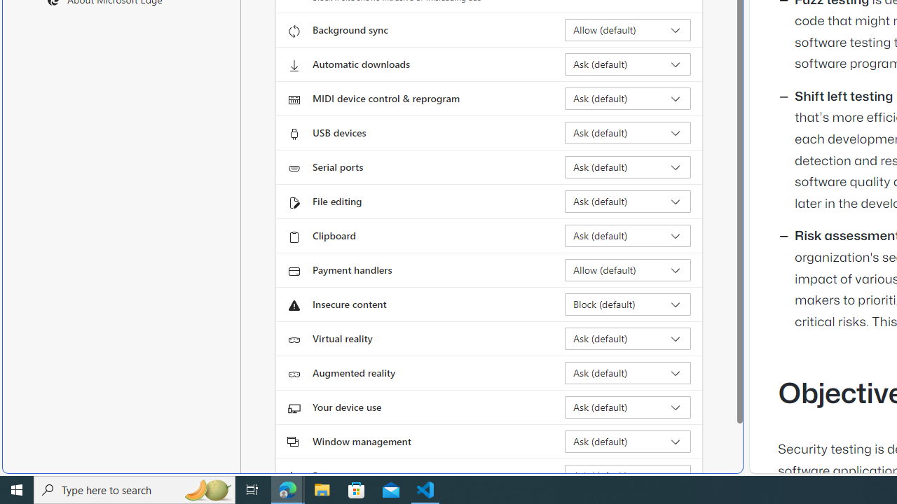  Describe the element at coordinates (627, 234) in the screenshot. I see `'Clipboard Ask (default)'` at that location.